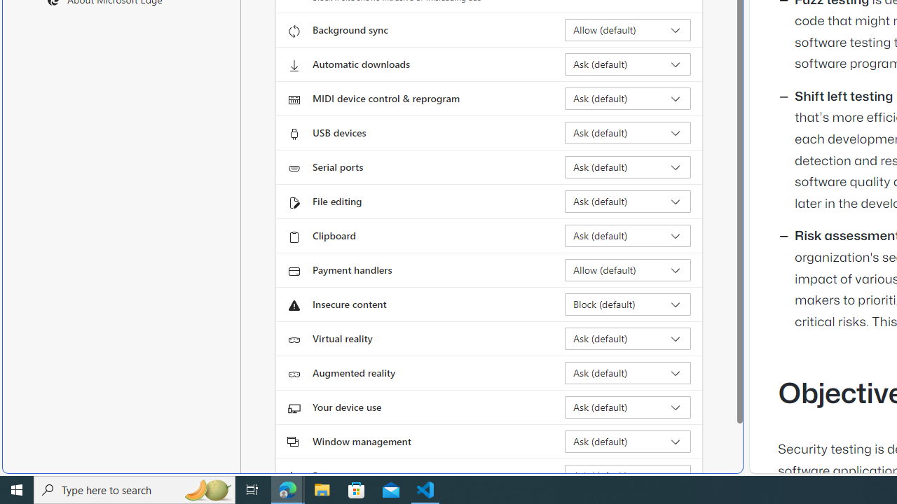  Describe the element at coordinates (627, 234) in the screenshot. I see `'Clipboard Ask (default)'` at that location.